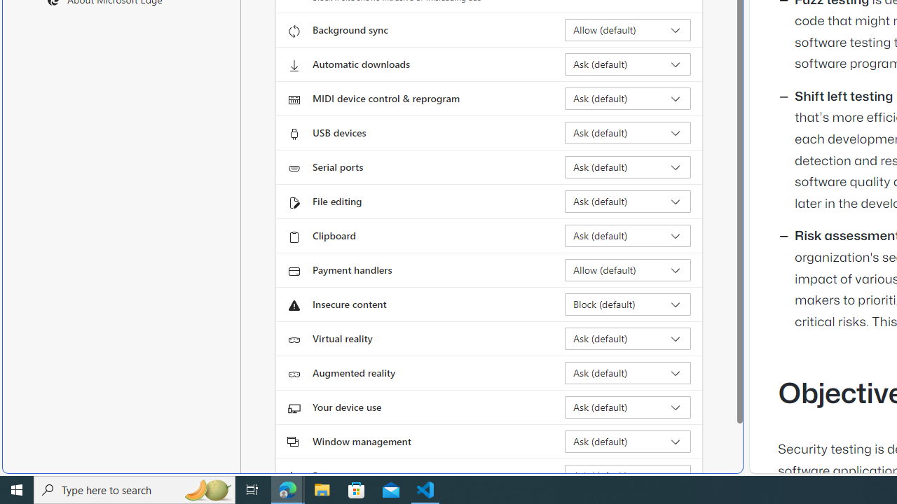  Describe the element at coordinates (627, 234) in the screenshot. I see `'Clipboard Ask (default)'` at that location.